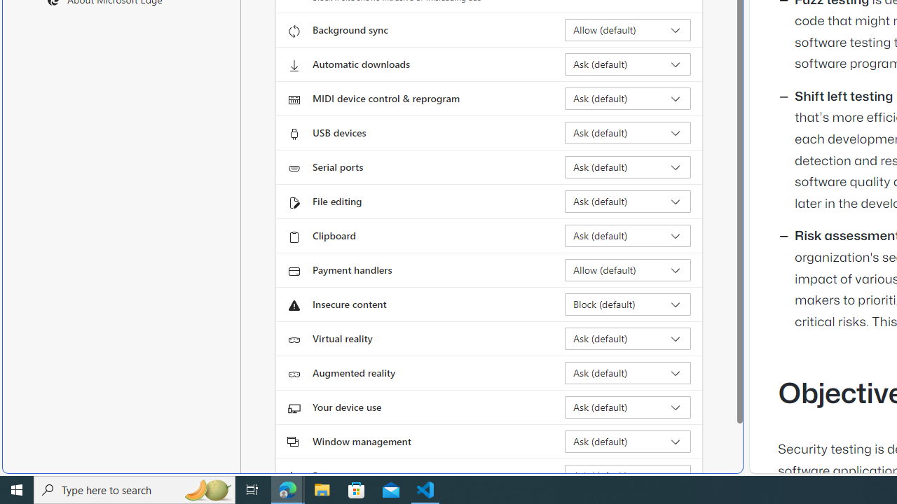  Describe the element at coordinates (627, 234) in the screenshot. I see `'Clipboard Ask (default)'` at that location.